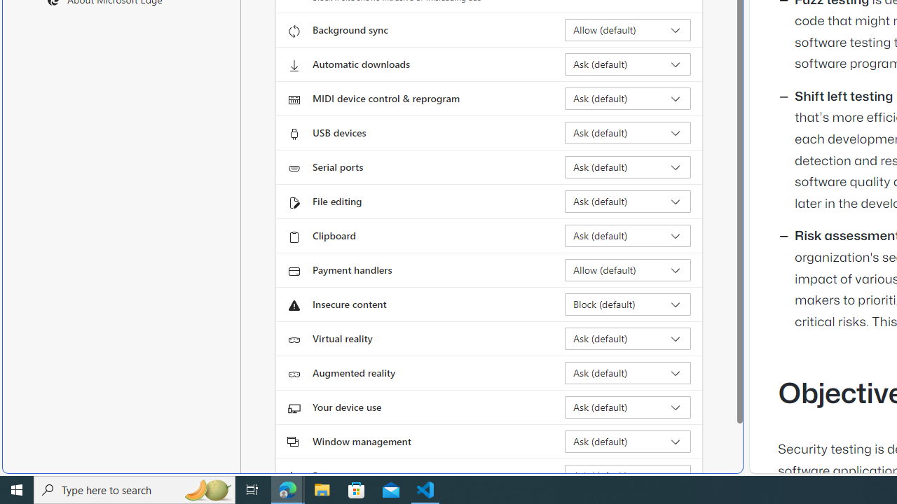  Describe the element at coordinates (627, 234) in the screenshot. I see `'Clipboard Ask (default)'` at that location.